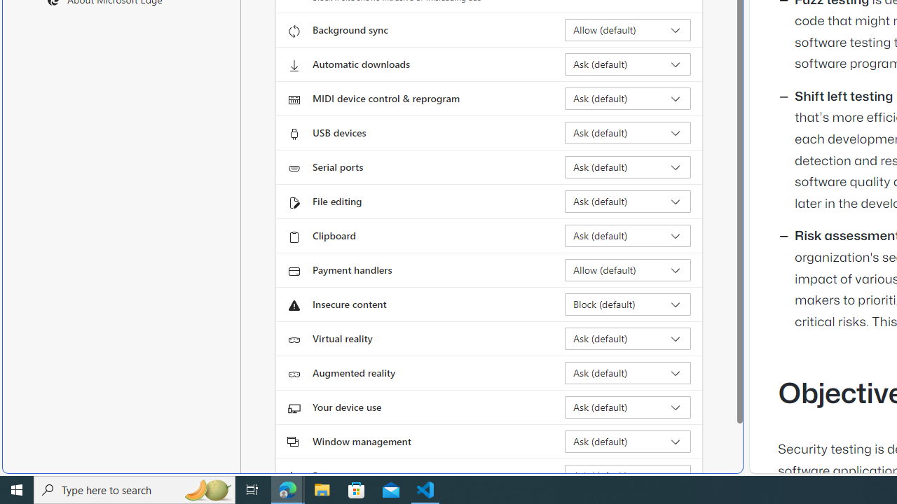  Describe the element at coordinates (627, 234) in the screenshot. I see `'Clipboard Ask (default)'` at that location.